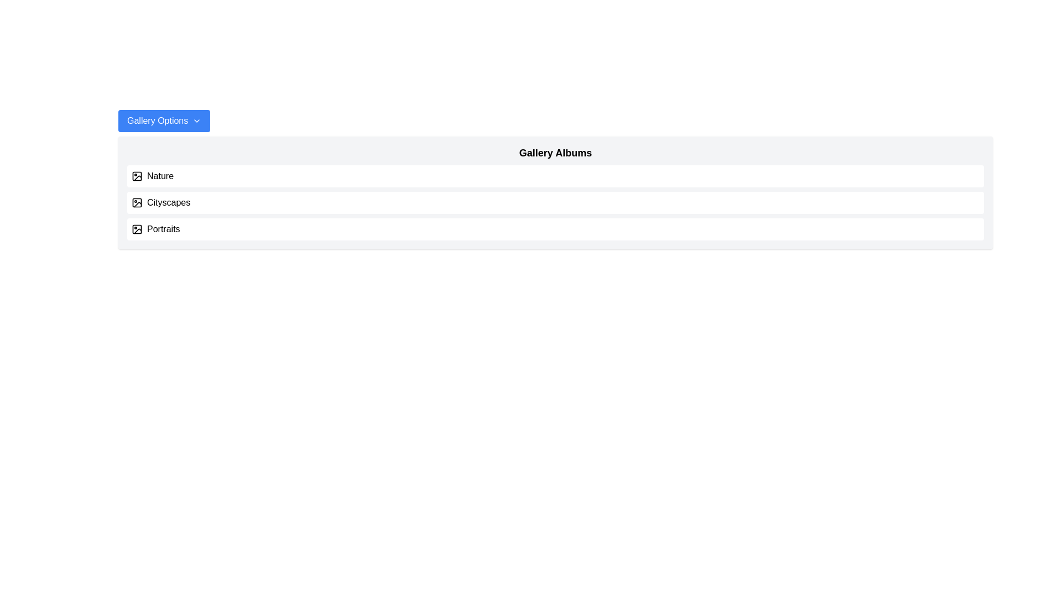 The height and width of the screenshot is (597, 1062). What do you see at coordinates (555, 176) in the screenshot?
I see `the list item labeled 'Nature' to see its hover effect` at bounding box center [555, 176].